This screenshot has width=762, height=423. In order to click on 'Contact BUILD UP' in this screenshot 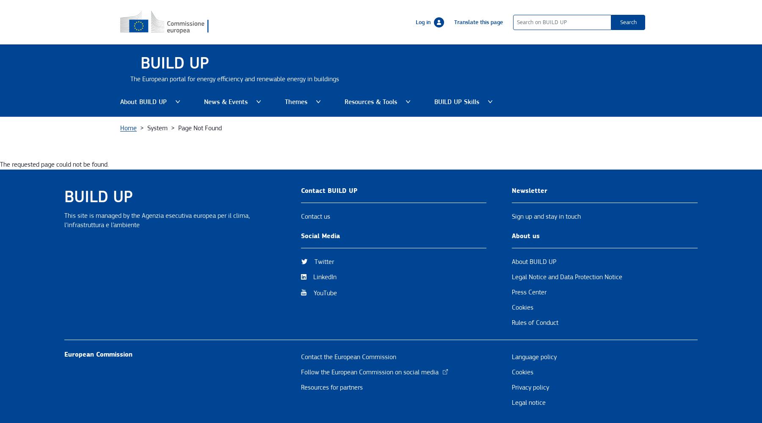, I will do `click(328, 190)`.